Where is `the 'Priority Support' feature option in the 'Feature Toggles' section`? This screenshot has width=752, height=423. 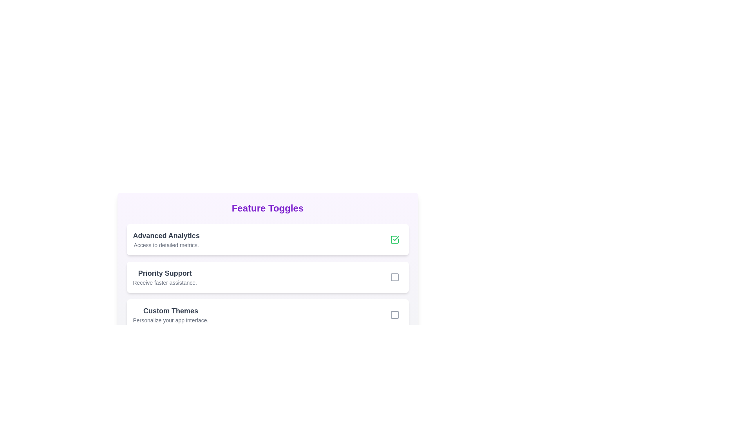 the 'Priority Support' feature option in the 'Feature Toggles' section is located at coordinates (268, 277).